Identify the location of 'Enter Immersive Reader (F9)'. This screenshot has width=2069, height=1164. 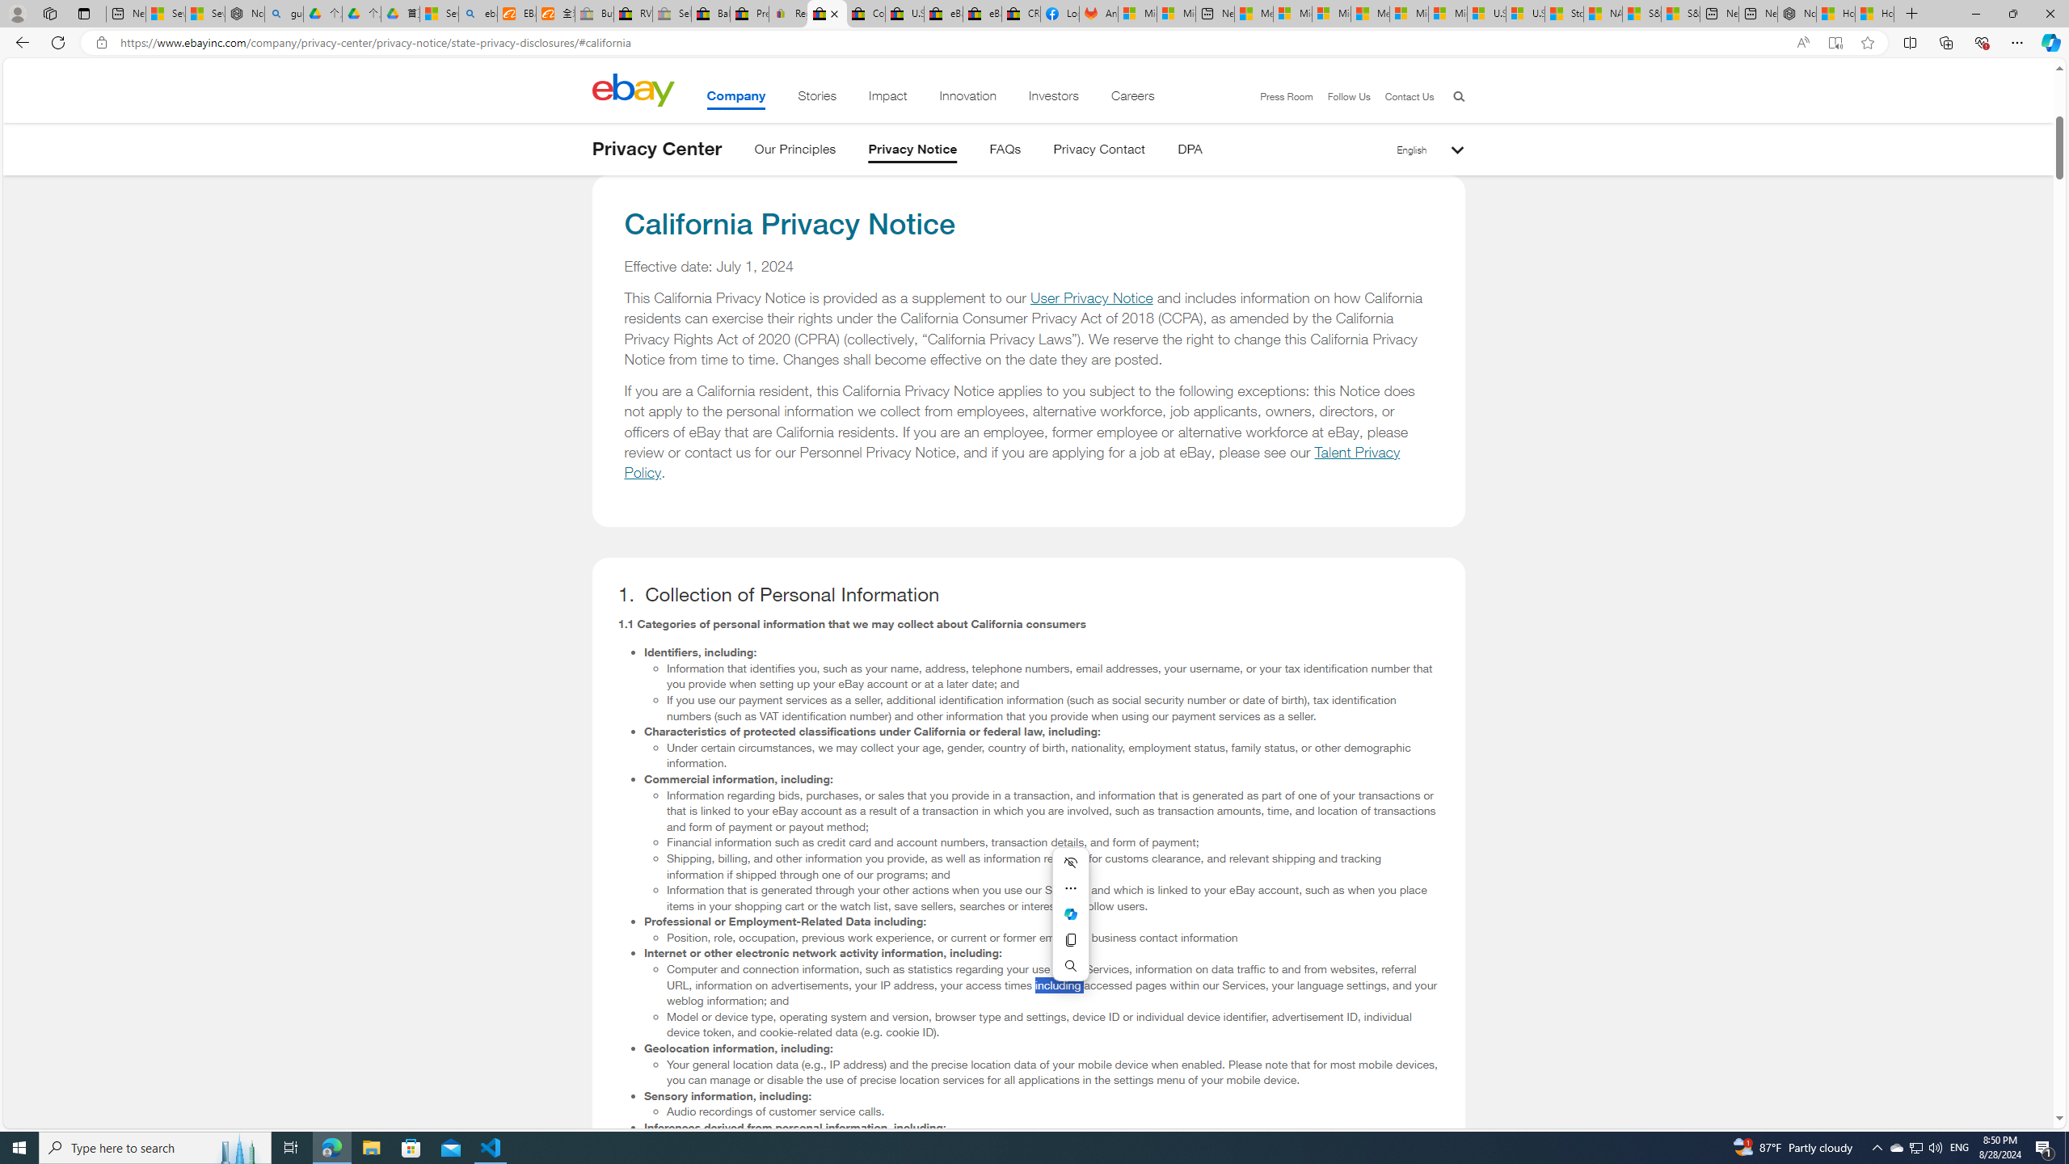
(1835, 43).